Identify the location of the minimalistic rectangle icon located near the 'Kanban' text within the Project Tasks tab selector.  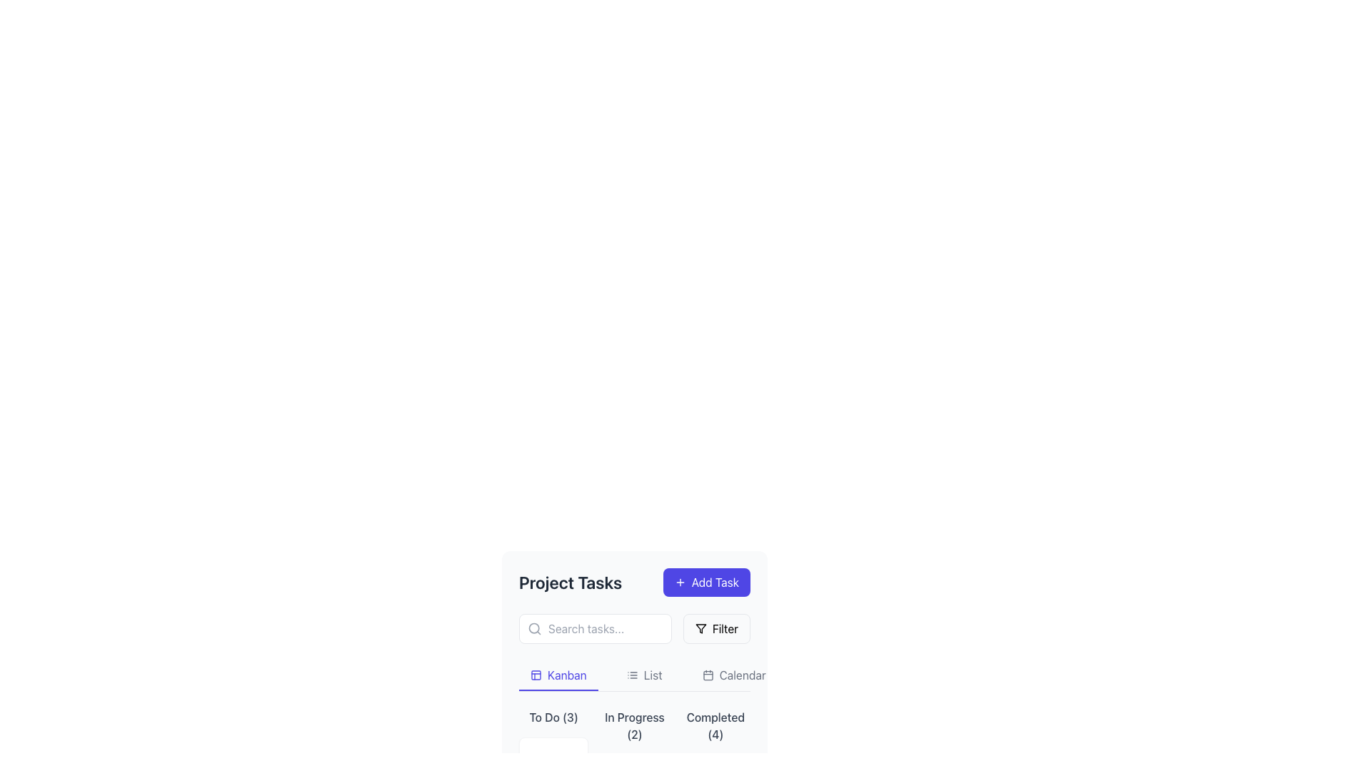
(535, 675).